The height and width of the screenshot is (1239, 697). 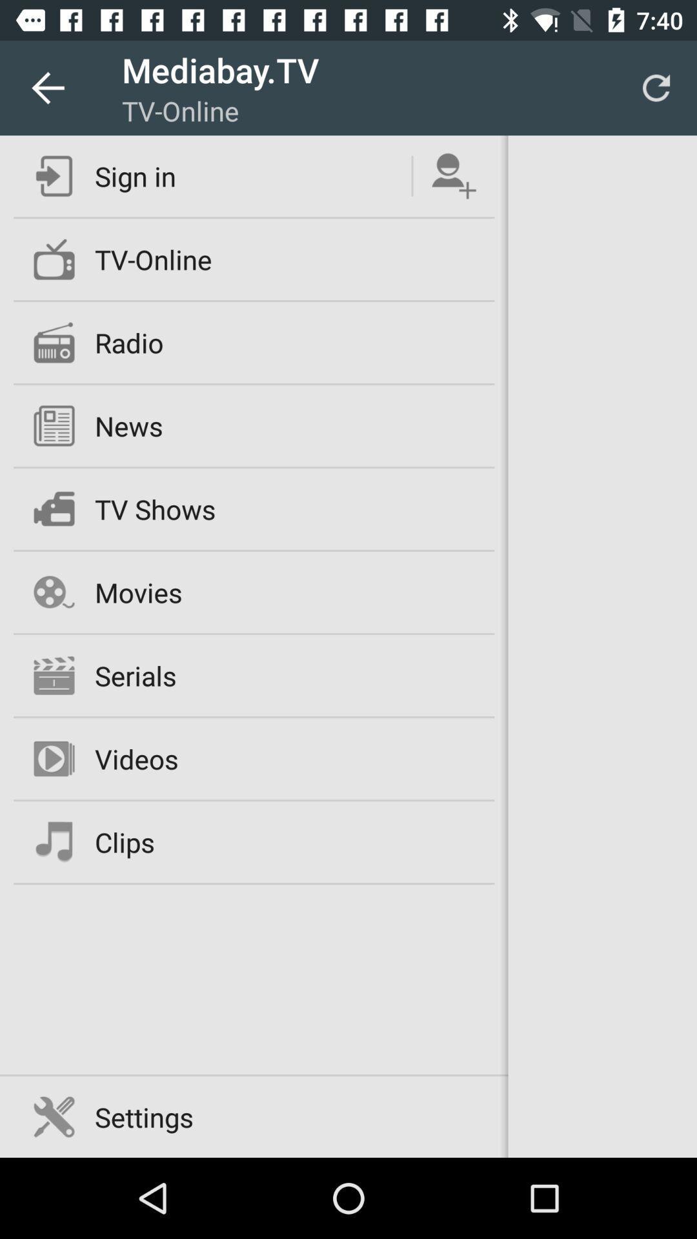 What do you see at coordinates (136, 759) in the screenshot?
I see `the videos item` at bounding box center [136, 759].